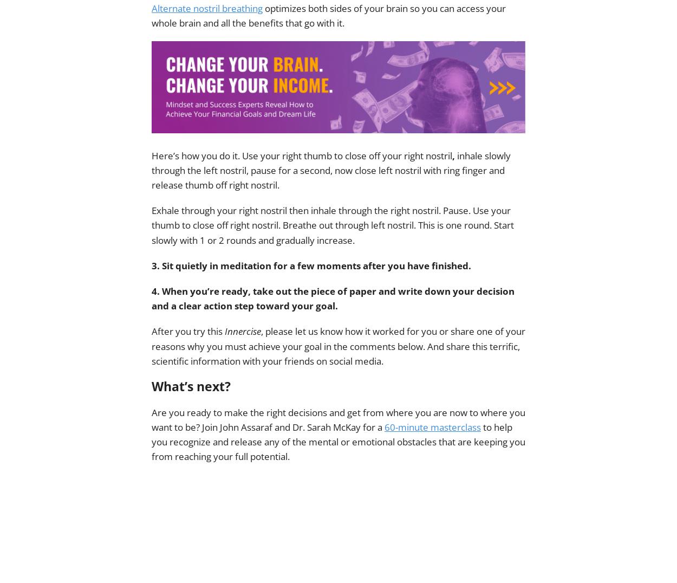 The width and height of the screenshot is (677, 583). I want to click on 'Here’s how you do it. Use your right thumb to close off your right nostril', so click(302, 154).